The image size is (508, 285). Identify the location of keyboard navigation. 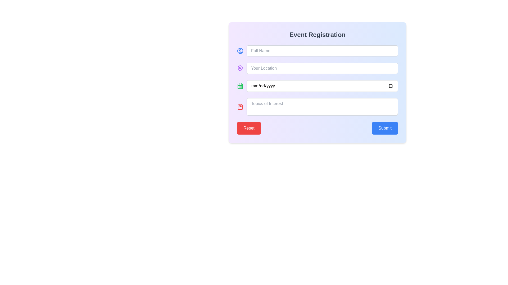
(248, 128).